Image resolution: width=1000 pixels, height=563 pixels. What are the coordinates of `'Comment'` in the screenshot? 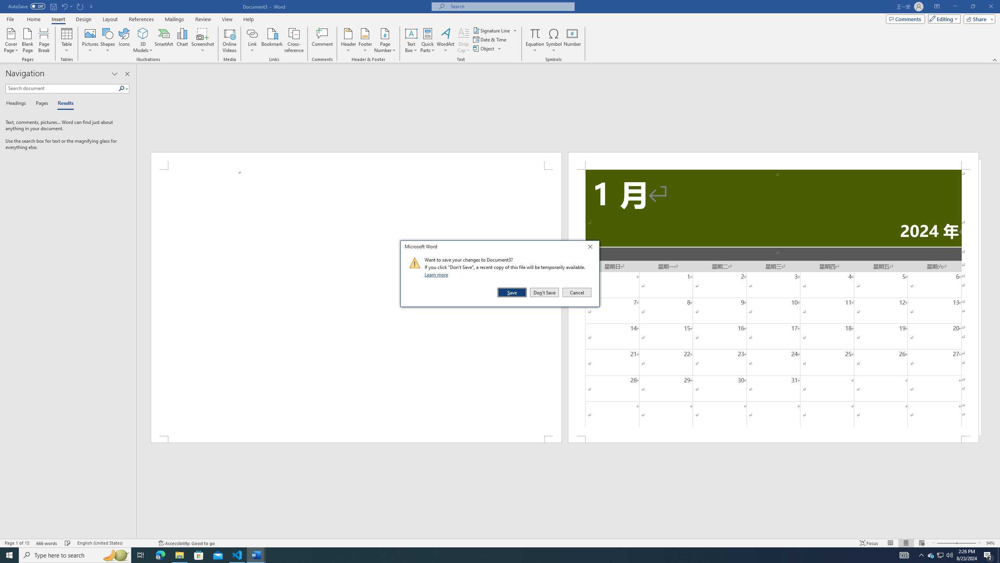 It's located at (322, 40).